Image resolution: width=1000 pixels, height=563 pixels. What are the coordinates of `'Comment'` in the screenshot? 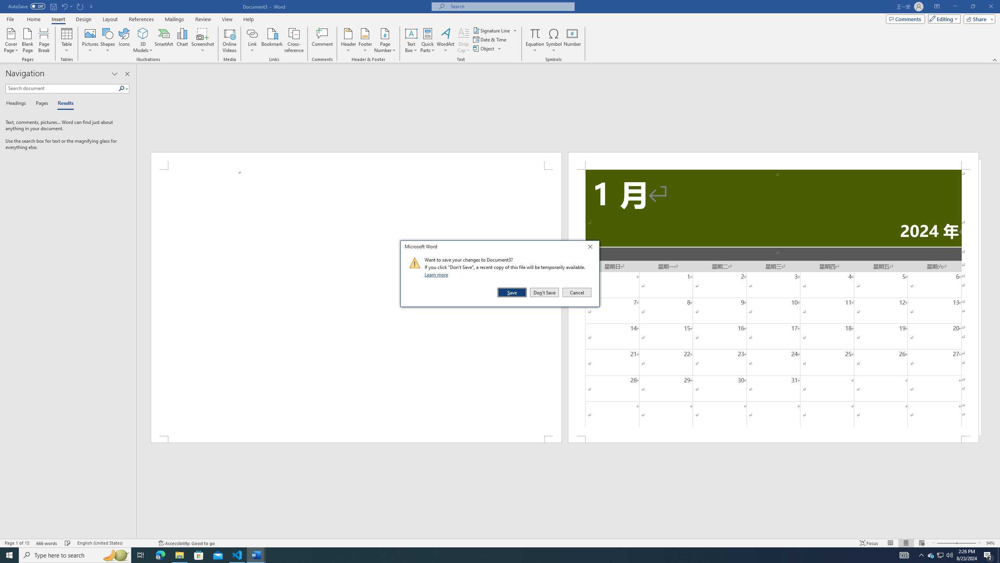 It's located at (322, 40).